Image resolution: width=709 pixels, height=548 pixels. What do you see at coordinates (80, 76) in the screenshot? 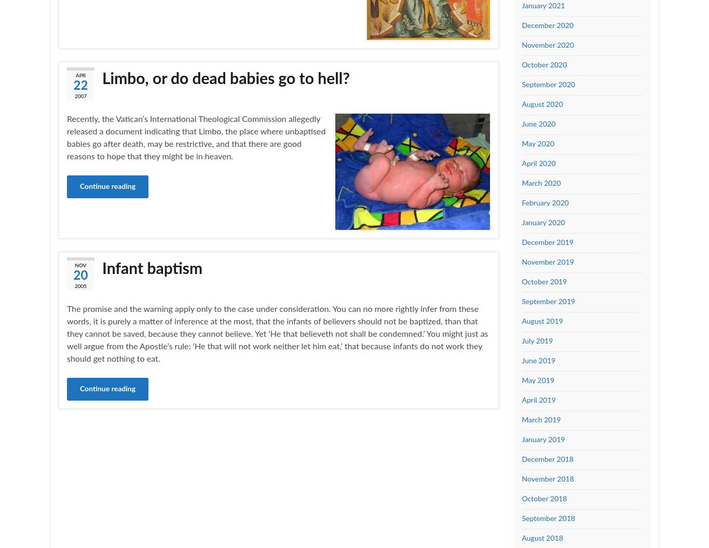
I see `'Apr'` at bounding box center [80, 76].